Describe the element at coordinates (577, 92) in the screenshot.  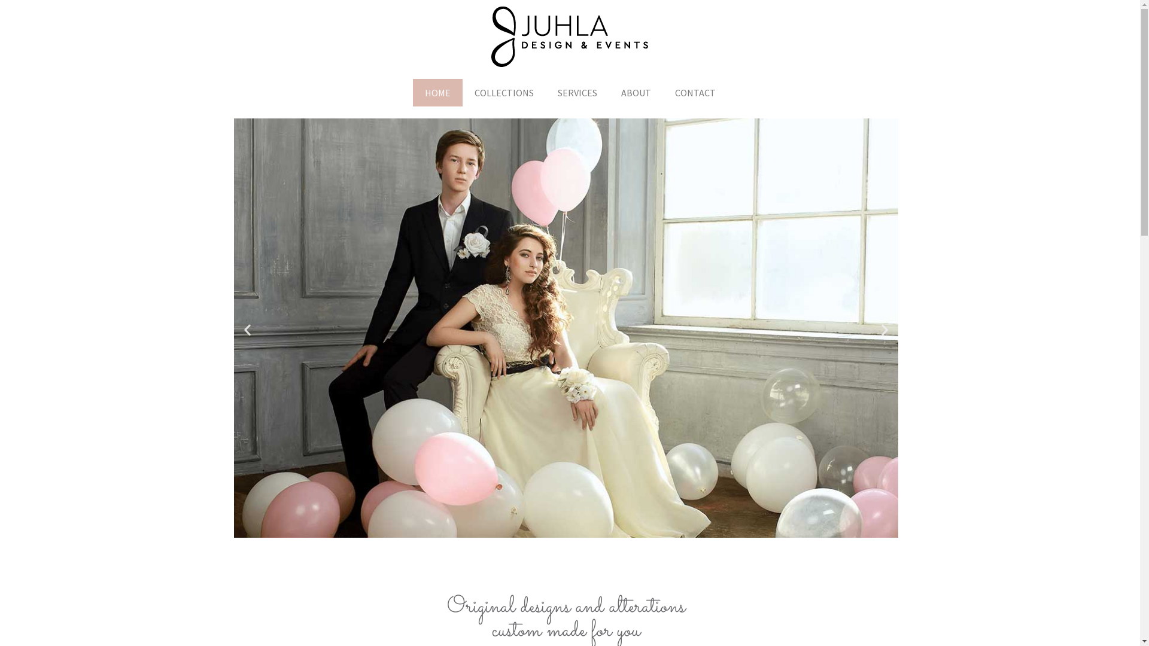
I see `'SERVICES'` at that location.